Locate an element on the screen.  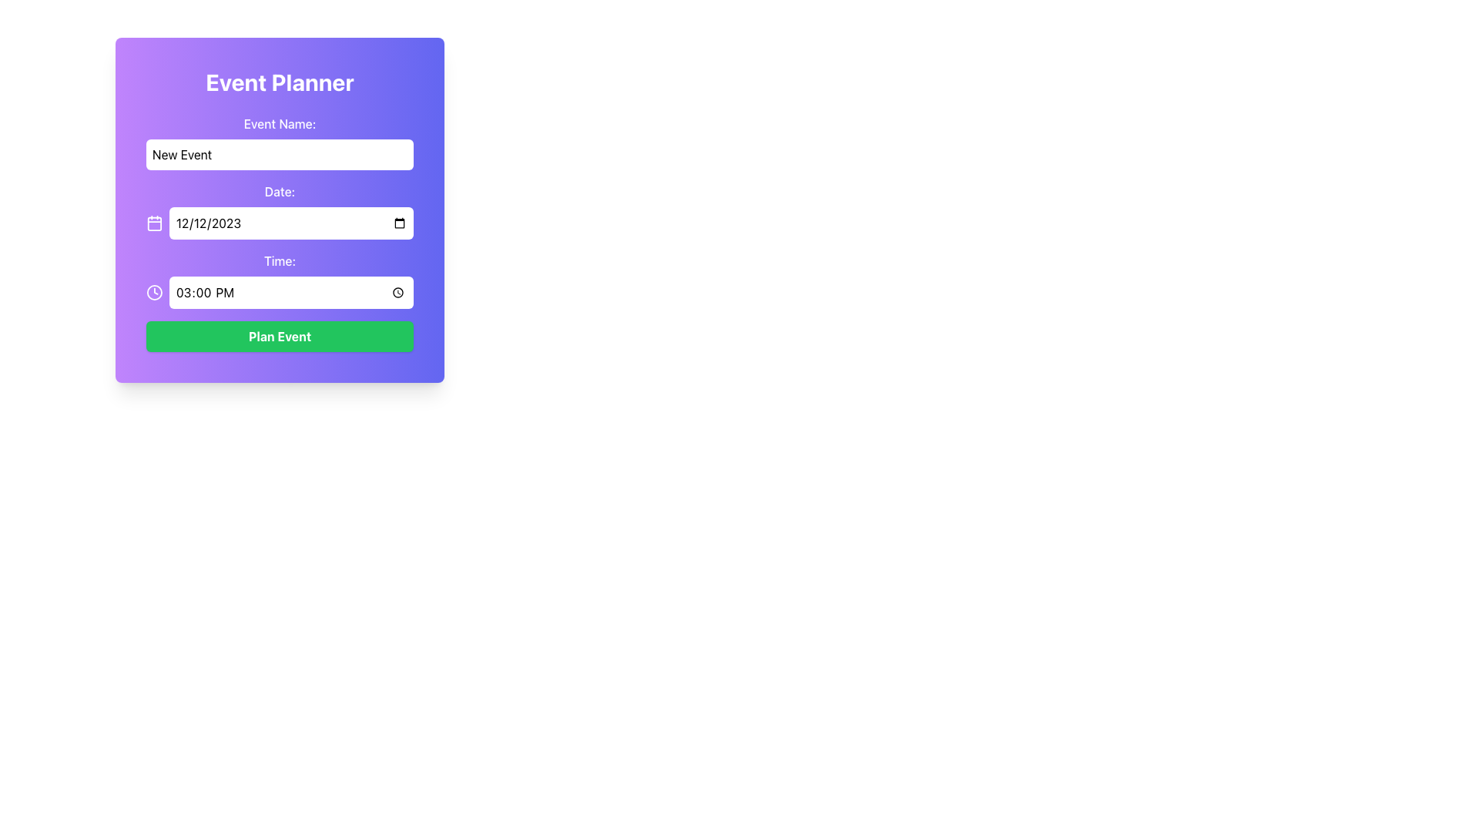
the 'Plan Event' button, which is a vivid green rectangular button with bold white text is located at coordinates (280, 335).